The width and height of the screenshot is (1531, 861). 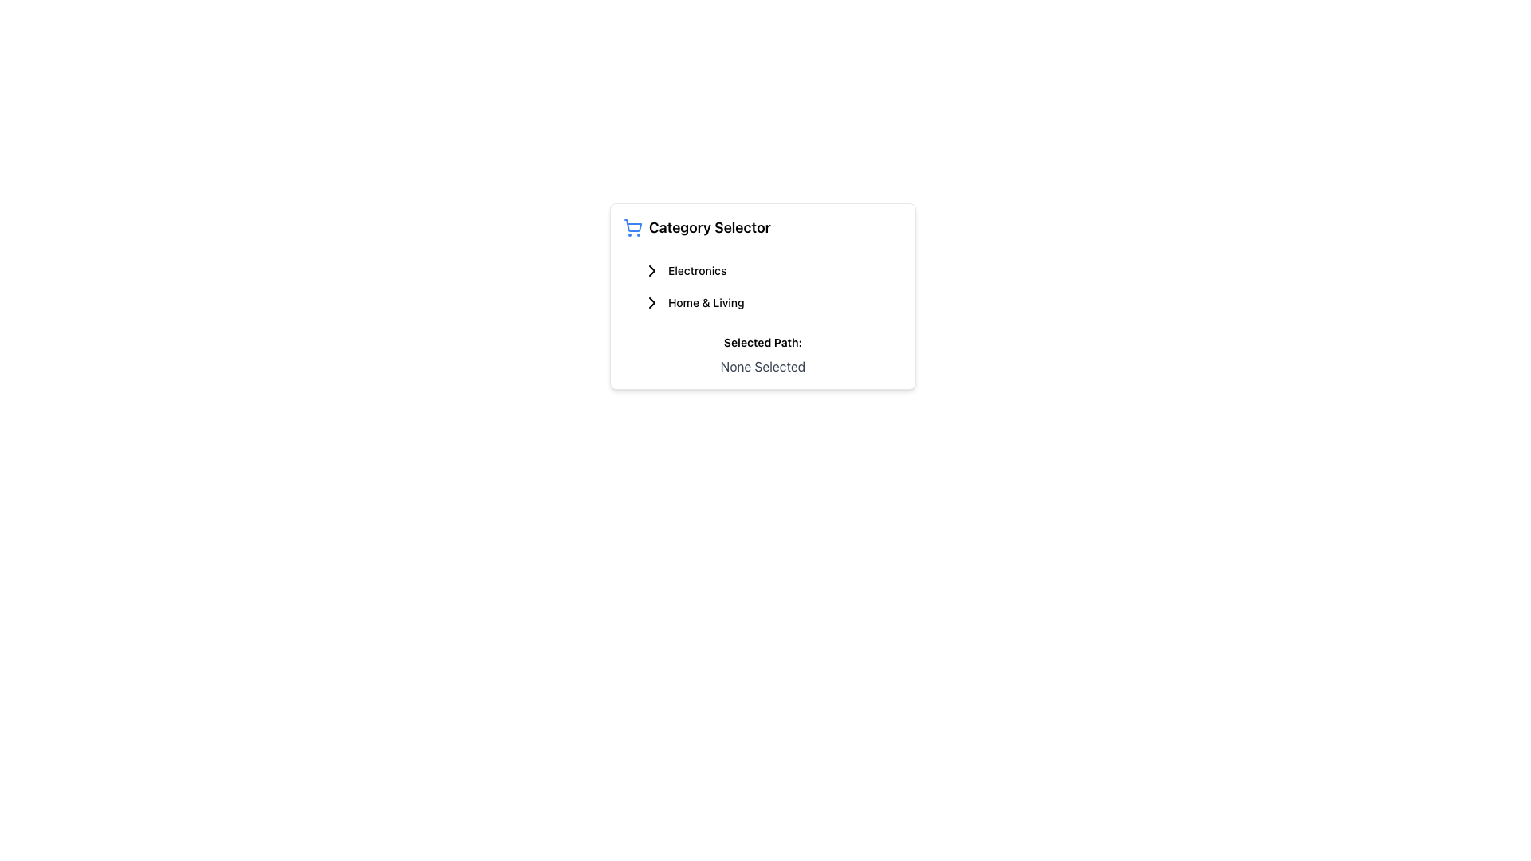 I want to click on the 'Electronics' category label located in the dropdown list beneath the 'Category Selector' title, so click(x=697, y=269).